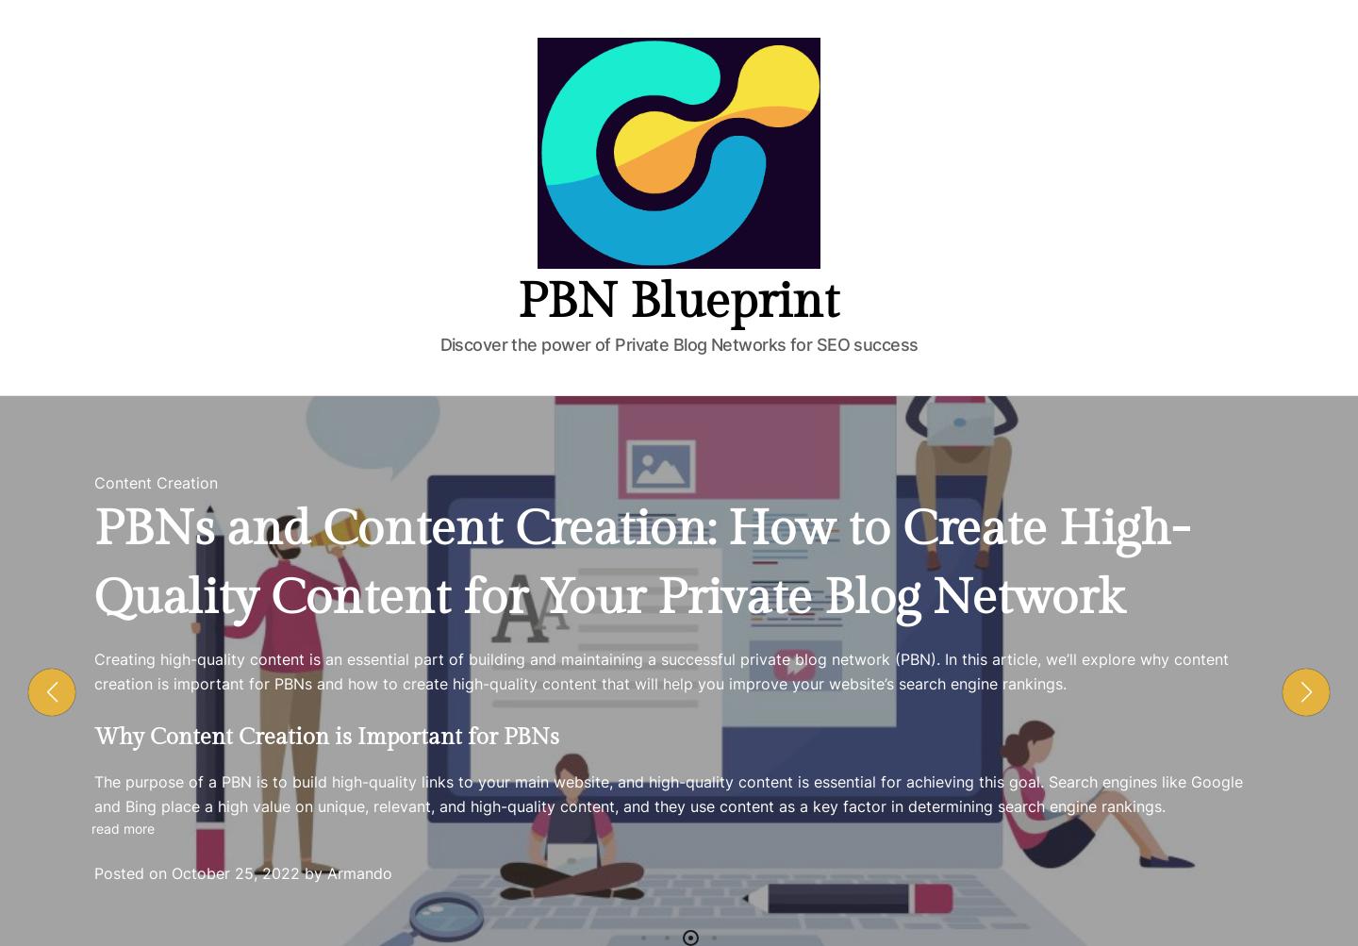 The width and height of the screenshot is (1358, 946). I want to click on 'February 10, 2023', so click(1003, 111).